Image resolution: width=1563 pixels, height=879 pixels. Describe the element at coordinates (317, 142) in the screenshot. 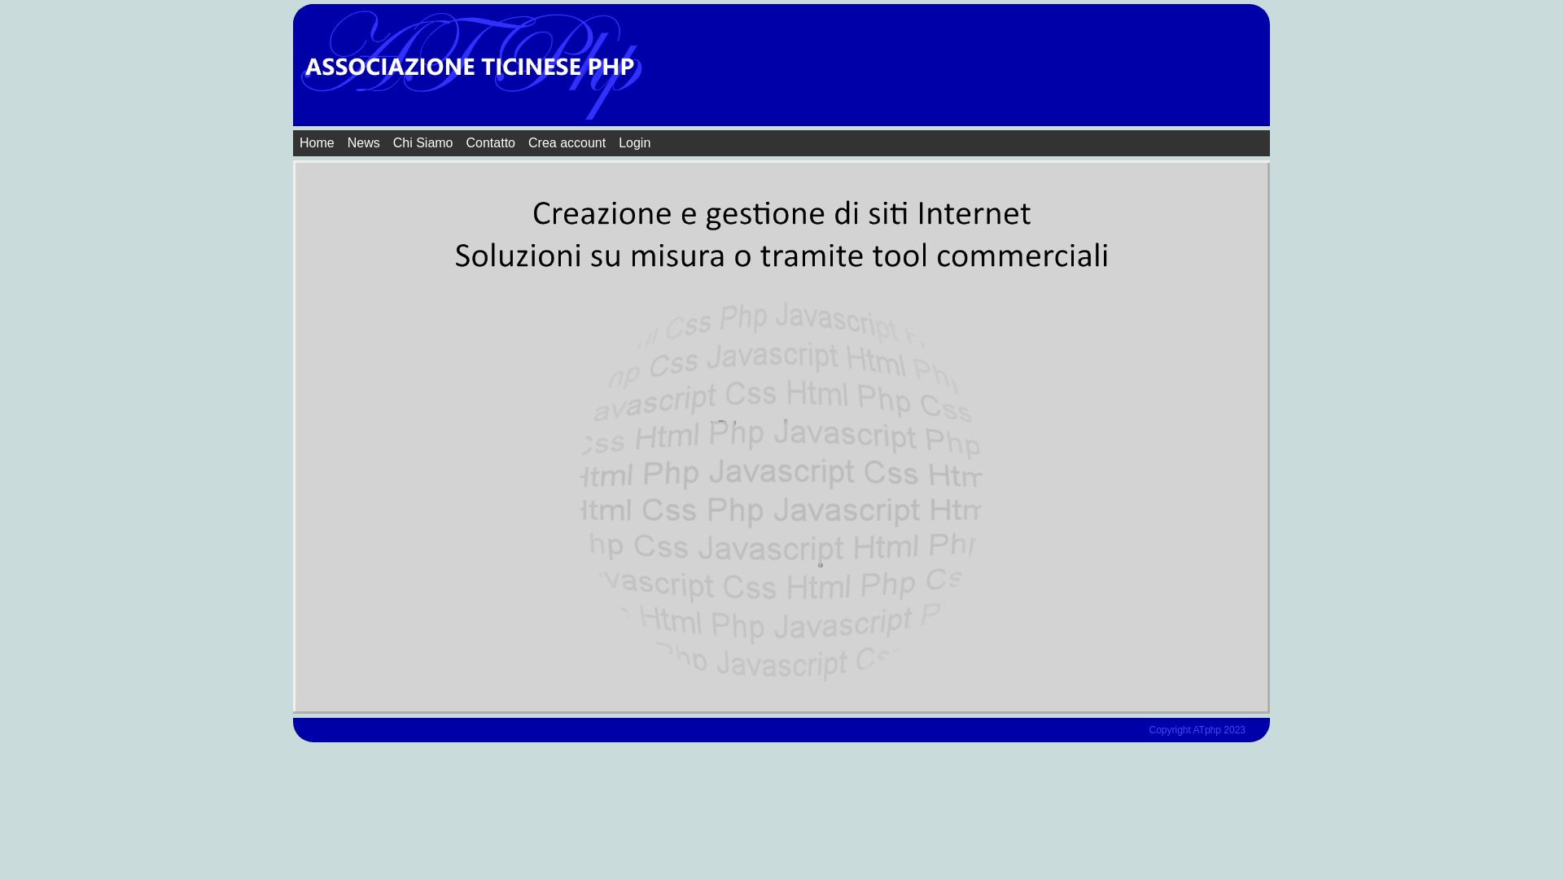

I see `'Home'` at that location.